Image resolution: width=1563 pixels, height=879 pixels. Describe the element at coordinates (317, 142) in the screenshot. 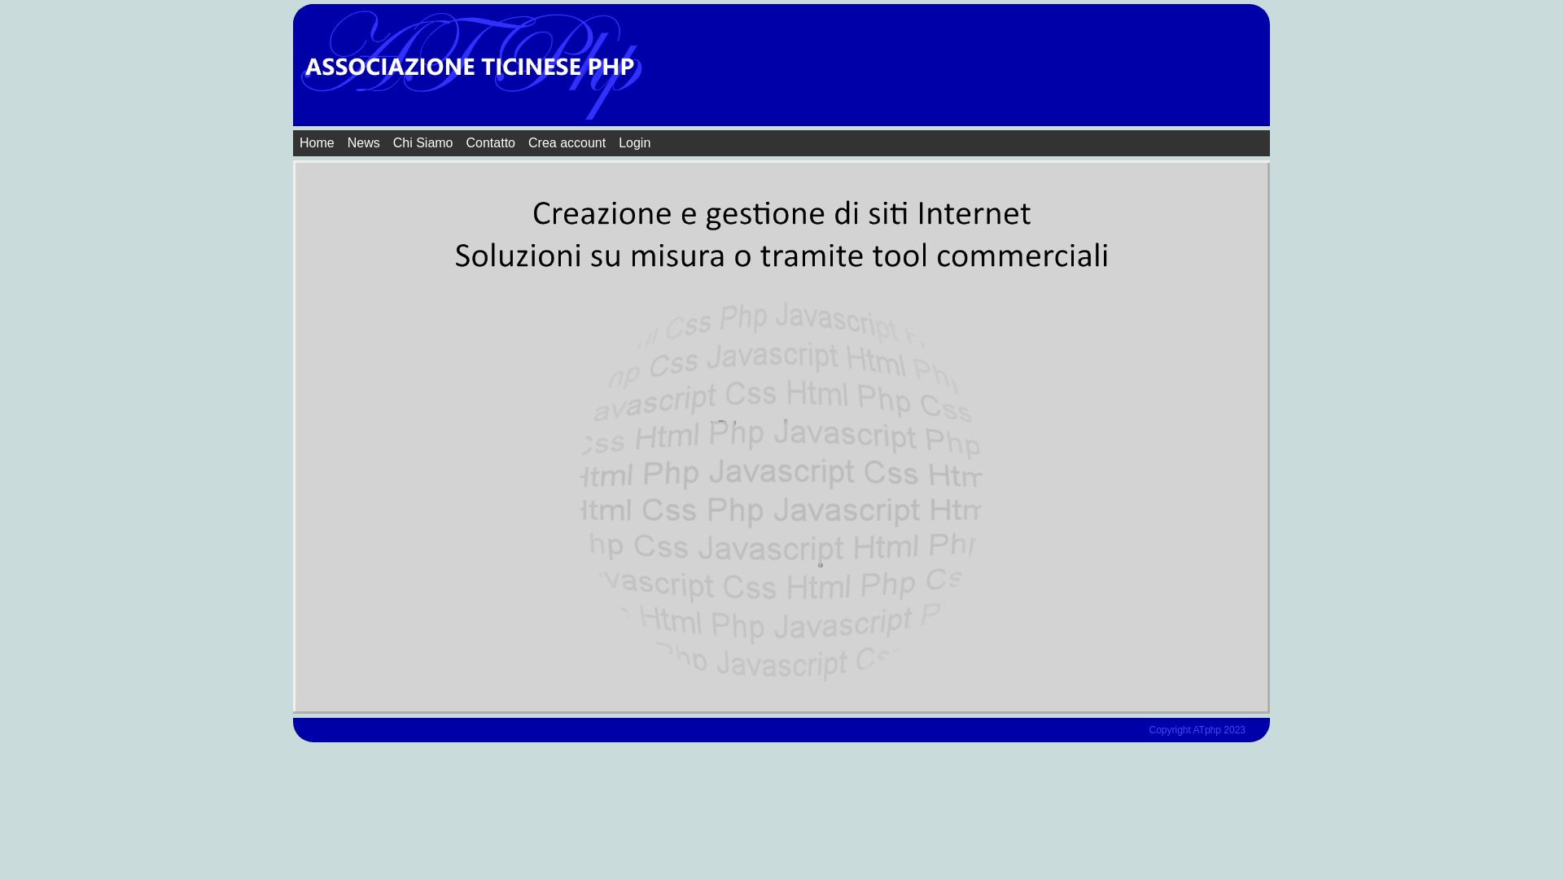

I see `'Home'` at that location.